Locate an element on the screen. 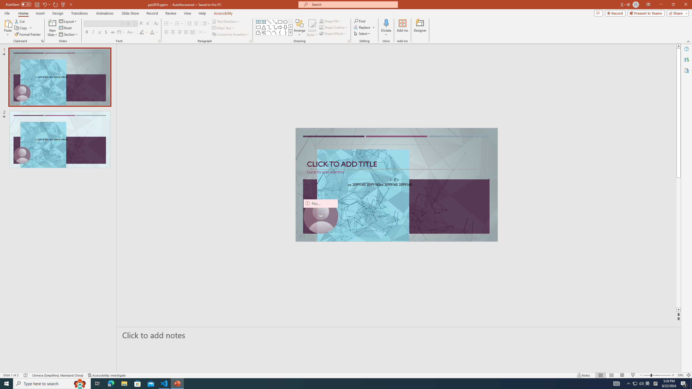 This screenshot has width=692, height=389. 'Reset' is located at coordinates (65, 28).